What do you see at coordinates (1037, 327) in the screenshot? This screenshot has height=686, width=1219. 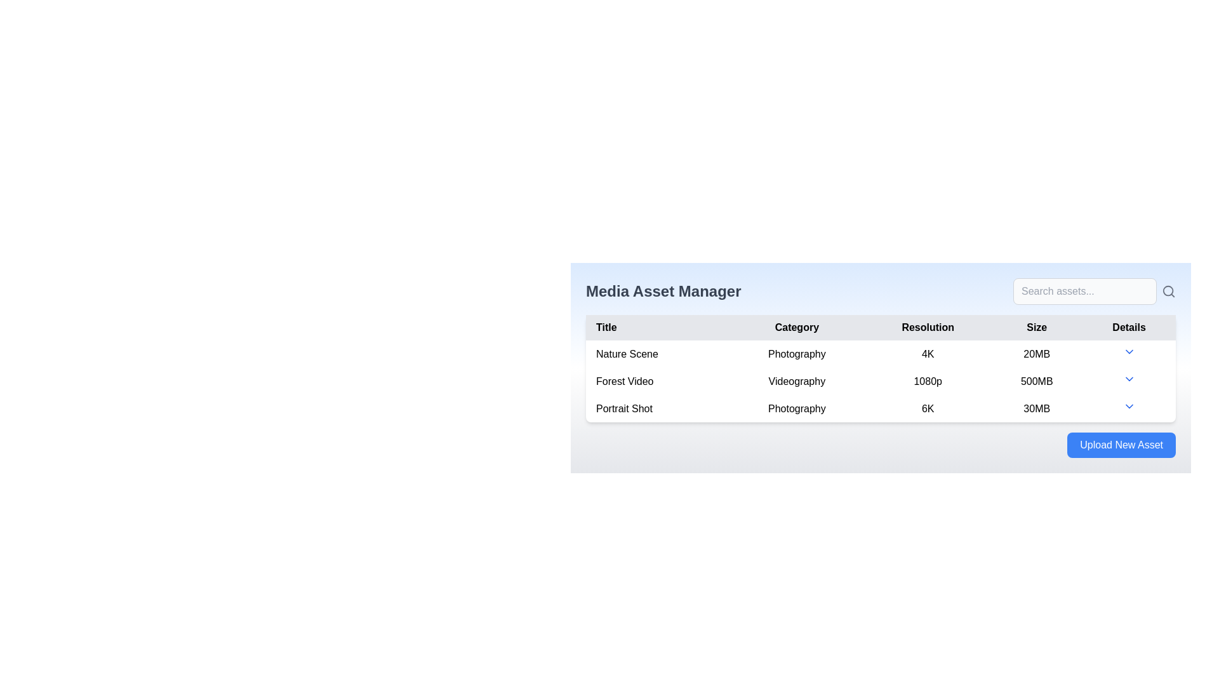 I see `the 'Size' text label, which is styled with a standard font and centered alignment, located in the upper right region of the table between the 'Resolution' and 'Details' headers` at bounding box center [1037, 327].